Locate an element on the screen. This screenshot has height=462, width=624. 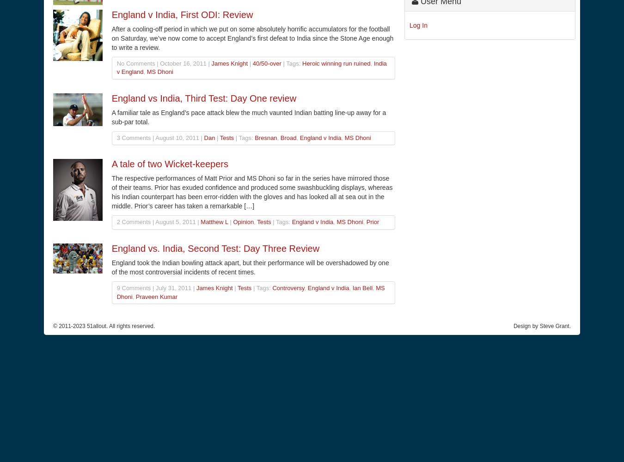
'Broad' is located at coordinates (288, 137).